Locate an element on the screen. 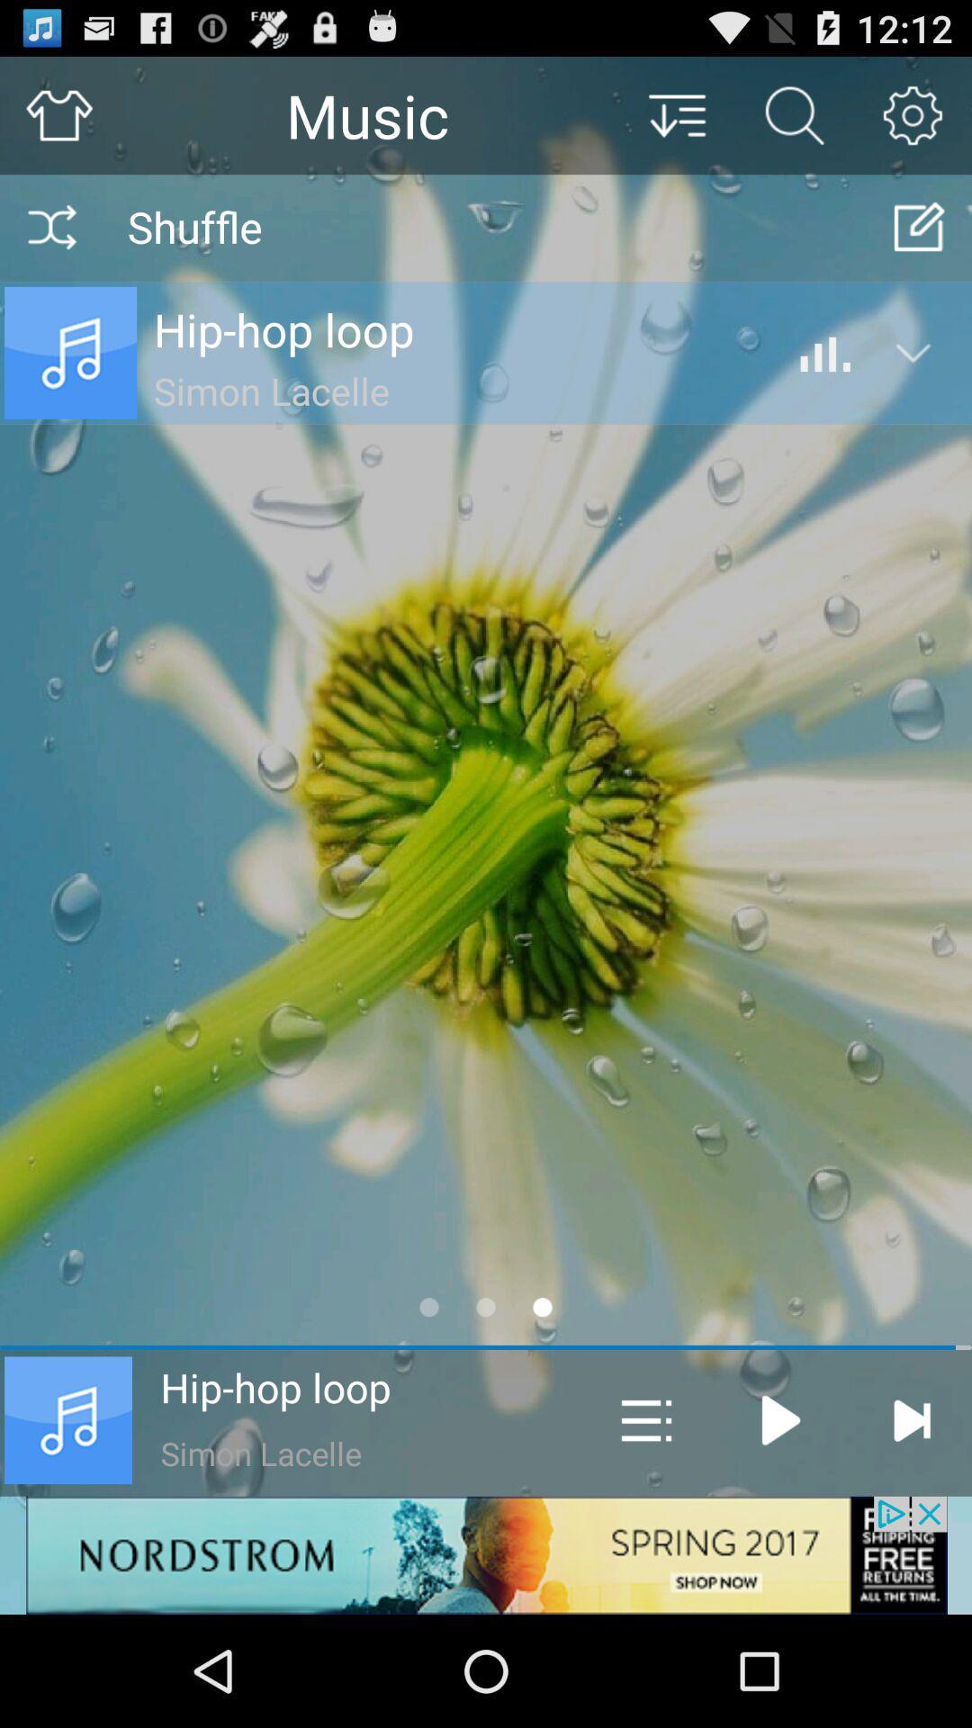 The height and width of the screenshot is (1728, 972). the item next to the hip-hop loop item is located at coordinates (645, 1419).